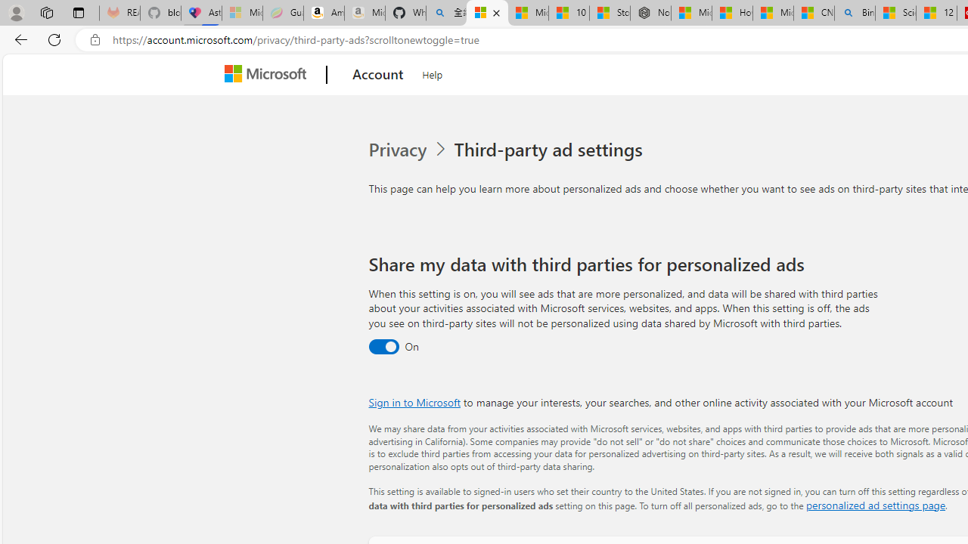  I want to click on 'personalized ad settings page', so click(875, 505).